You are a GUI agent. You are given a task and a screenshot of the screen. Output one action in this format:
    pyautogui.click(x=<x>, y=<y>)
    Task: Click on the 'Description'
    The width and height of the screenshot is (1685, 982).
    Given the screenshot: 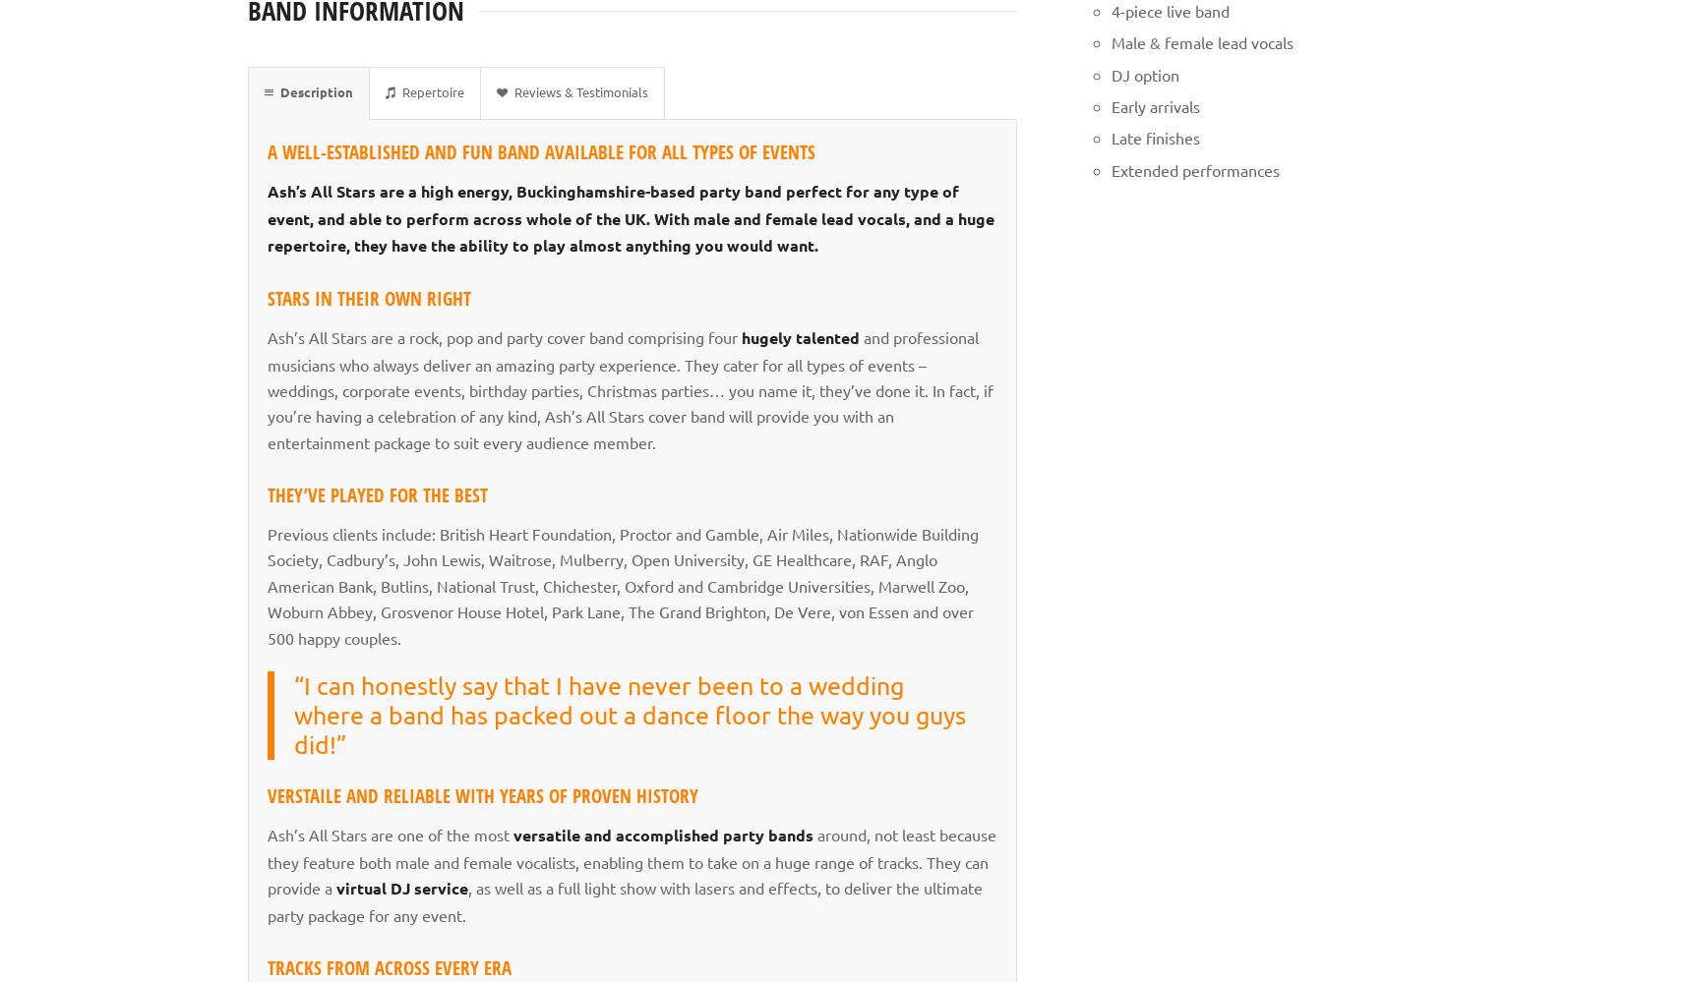 What is the action you would take?
    pyautogui.click(x=279, y=89)
    